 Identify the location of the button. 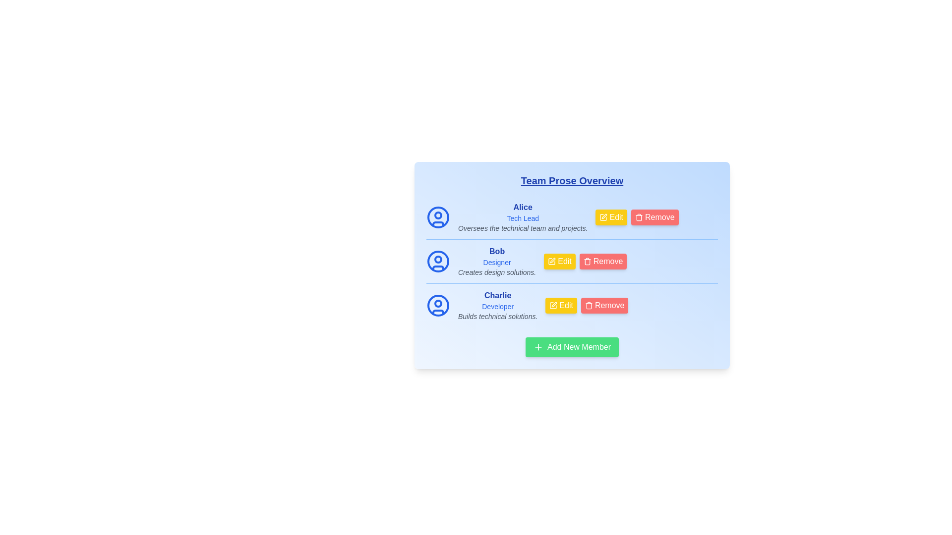
(637, 217).